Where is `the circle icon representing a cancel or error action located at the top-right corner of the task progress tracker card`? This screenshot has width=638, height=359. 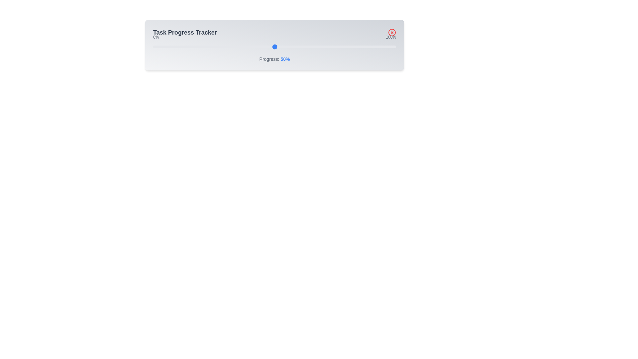 the circle icon representing a cancel or error action located at the top-right corner of the task progress tracker card is located at coordinates (392, 32).